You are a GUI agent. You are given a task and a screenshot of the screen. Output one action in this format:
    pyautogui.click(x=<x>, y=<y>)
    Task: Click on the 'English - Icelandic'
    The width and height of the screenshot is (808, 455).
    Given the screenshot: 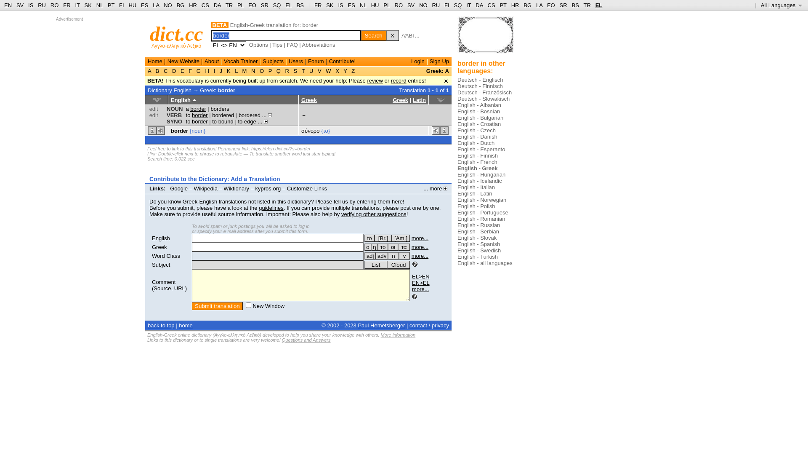 What is the action you would take?
    pyautogui.click(x=480, y=180)
    